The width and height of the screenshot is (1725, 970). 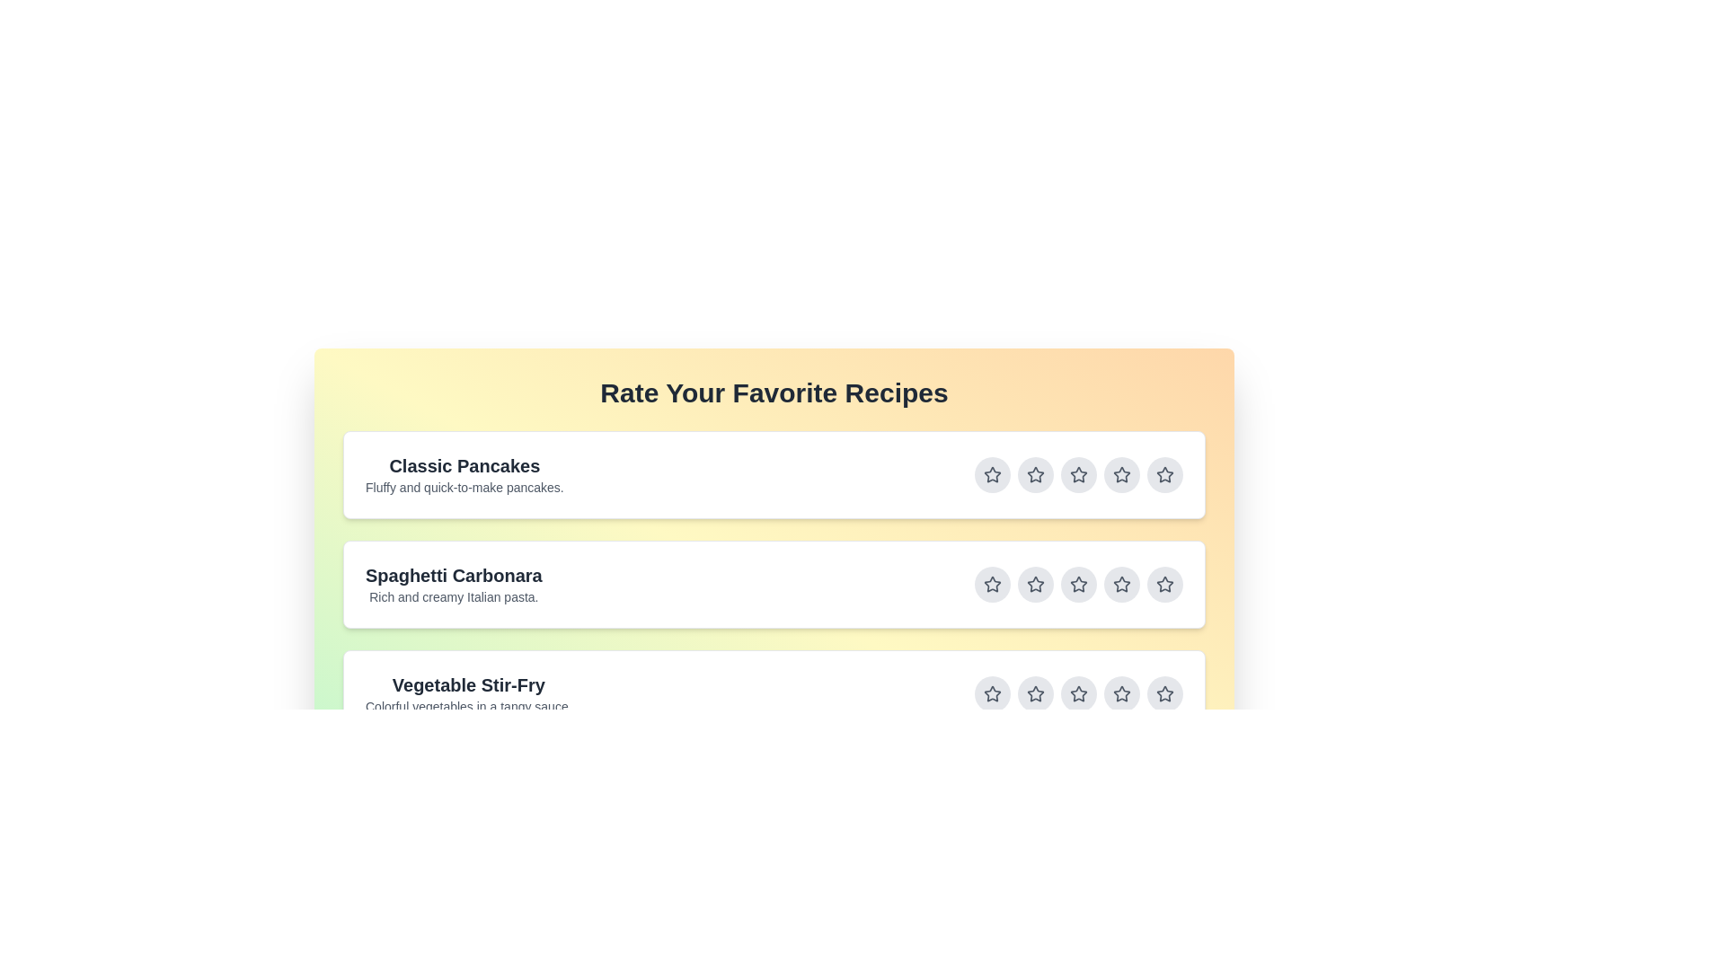 What do you see at coordinates (1035, 585) in the screenshot?
I see `the star button corresponding to 2 stars for the recipe titled Spaghetti Carbonara` at bounding box center [1035, 585].